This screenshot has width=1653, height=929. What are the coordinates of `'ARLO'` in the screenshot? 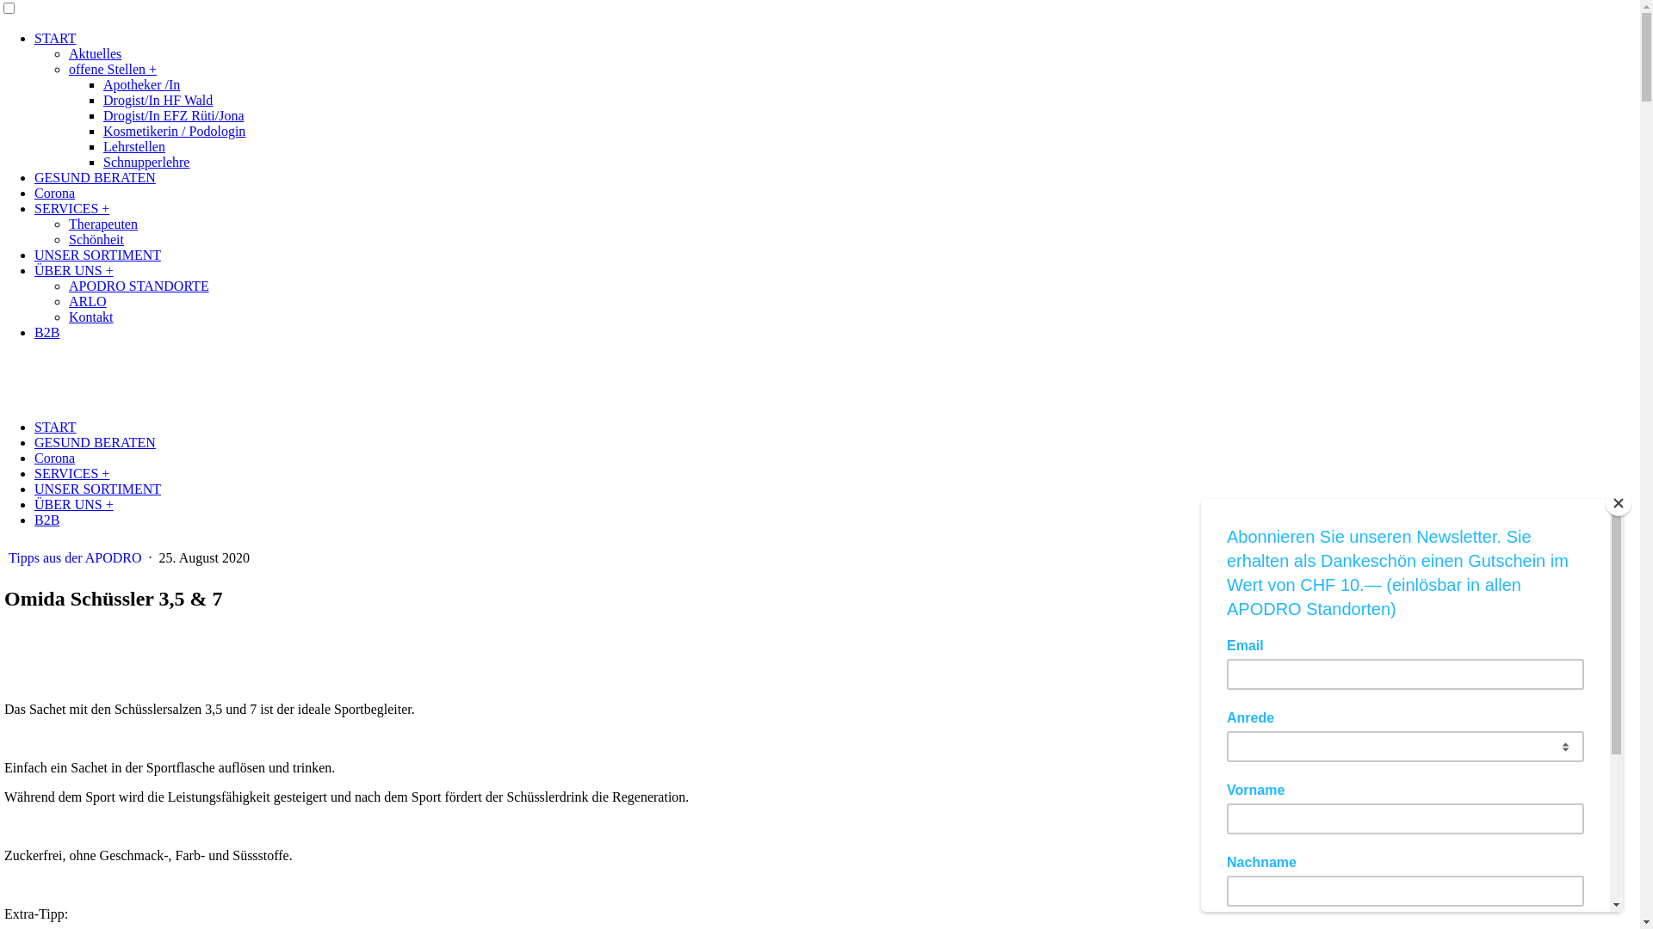 It's located at (69, 300).